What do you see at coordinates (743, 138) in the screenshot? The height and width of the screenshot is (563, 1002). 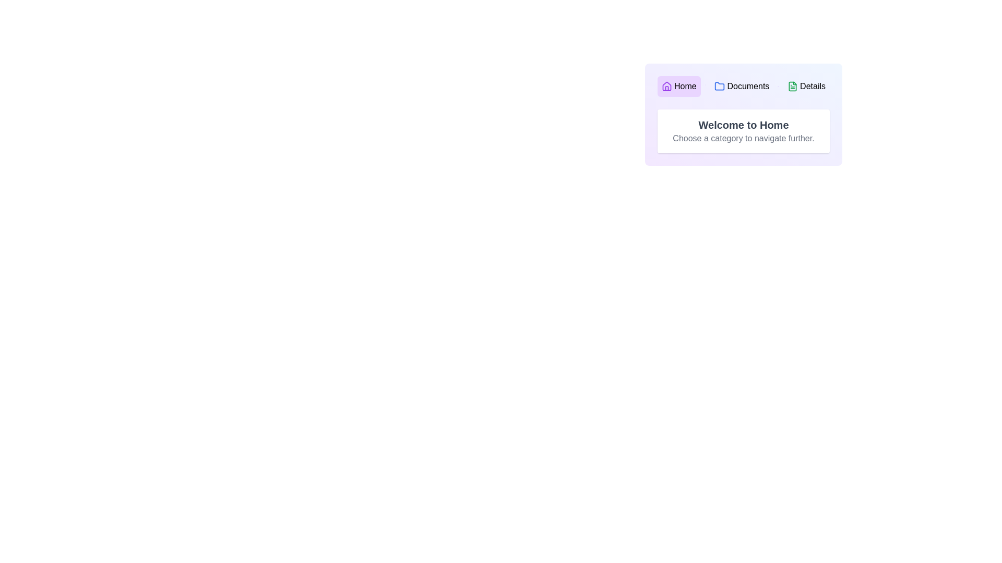 I see `the text label that reads 'Choose a category to navigate further.', which is styled in light gray and positioned below the 'Welcome to Home' label` at bounding box center [743, 138].